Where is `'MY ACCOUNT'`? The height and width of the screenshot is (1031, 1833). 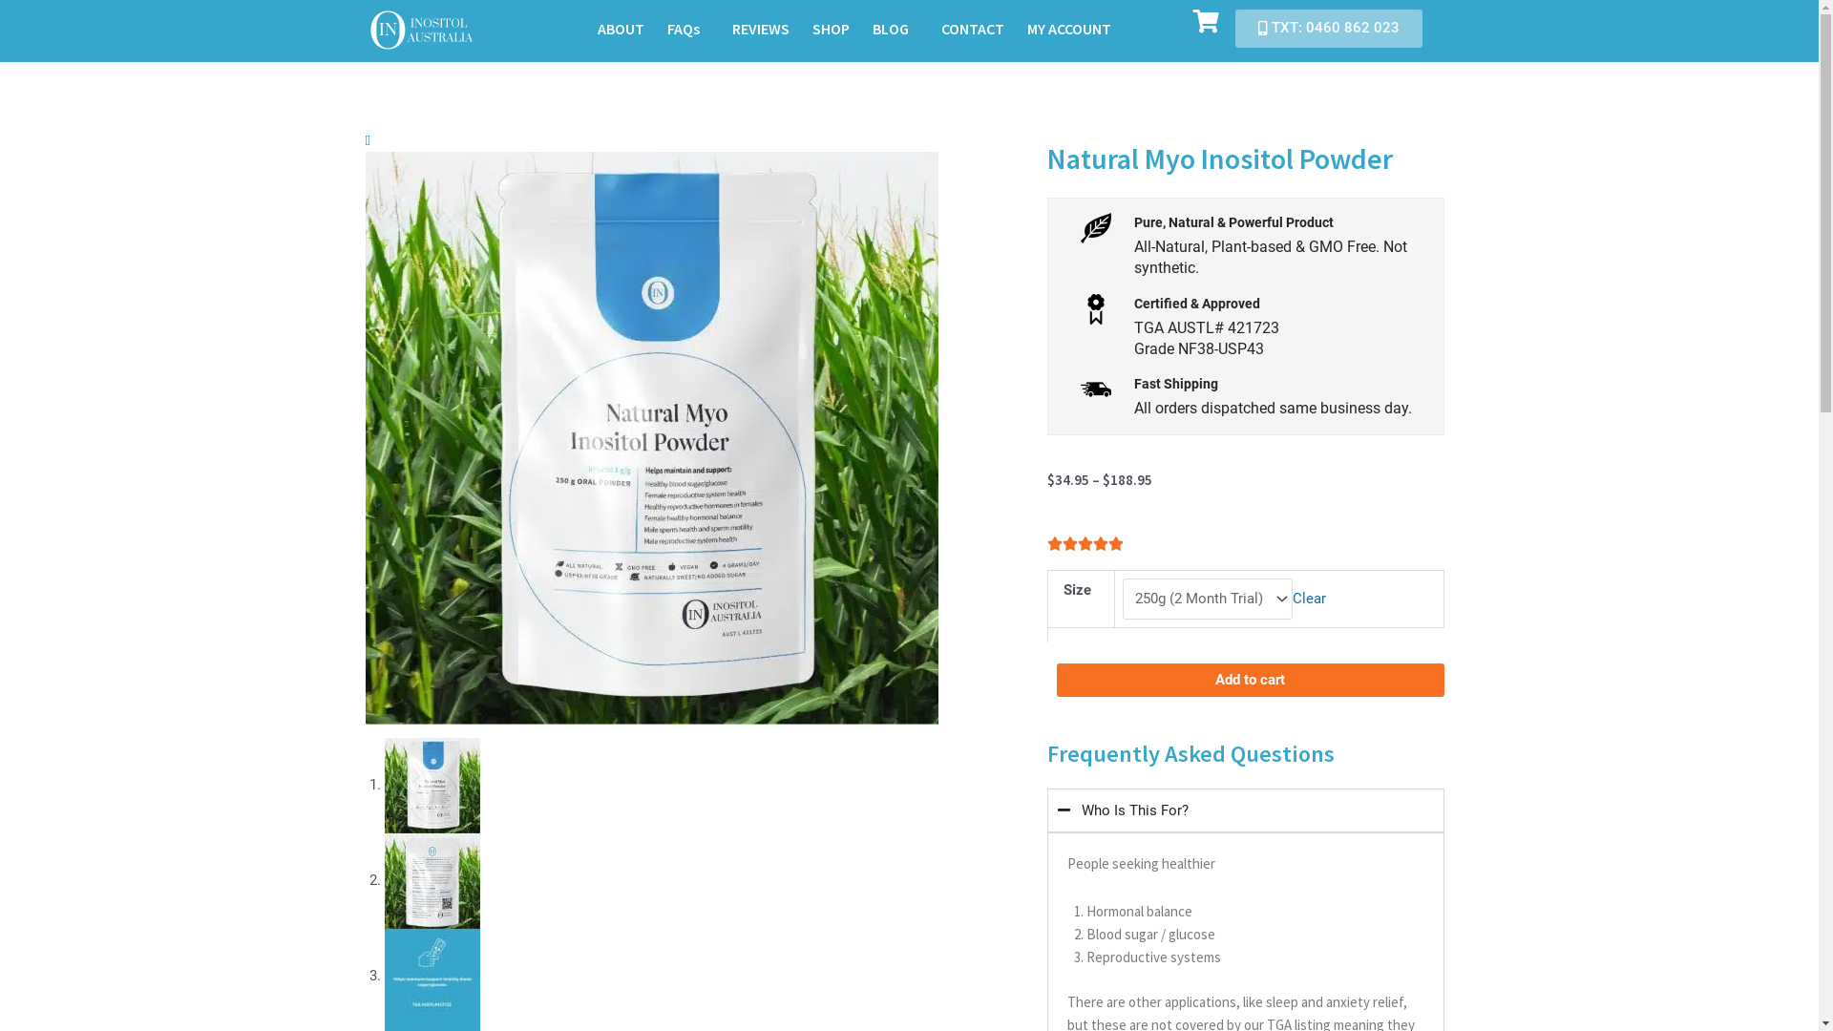
'MY ACCOUNT' is located at coordinates (1067, 29).